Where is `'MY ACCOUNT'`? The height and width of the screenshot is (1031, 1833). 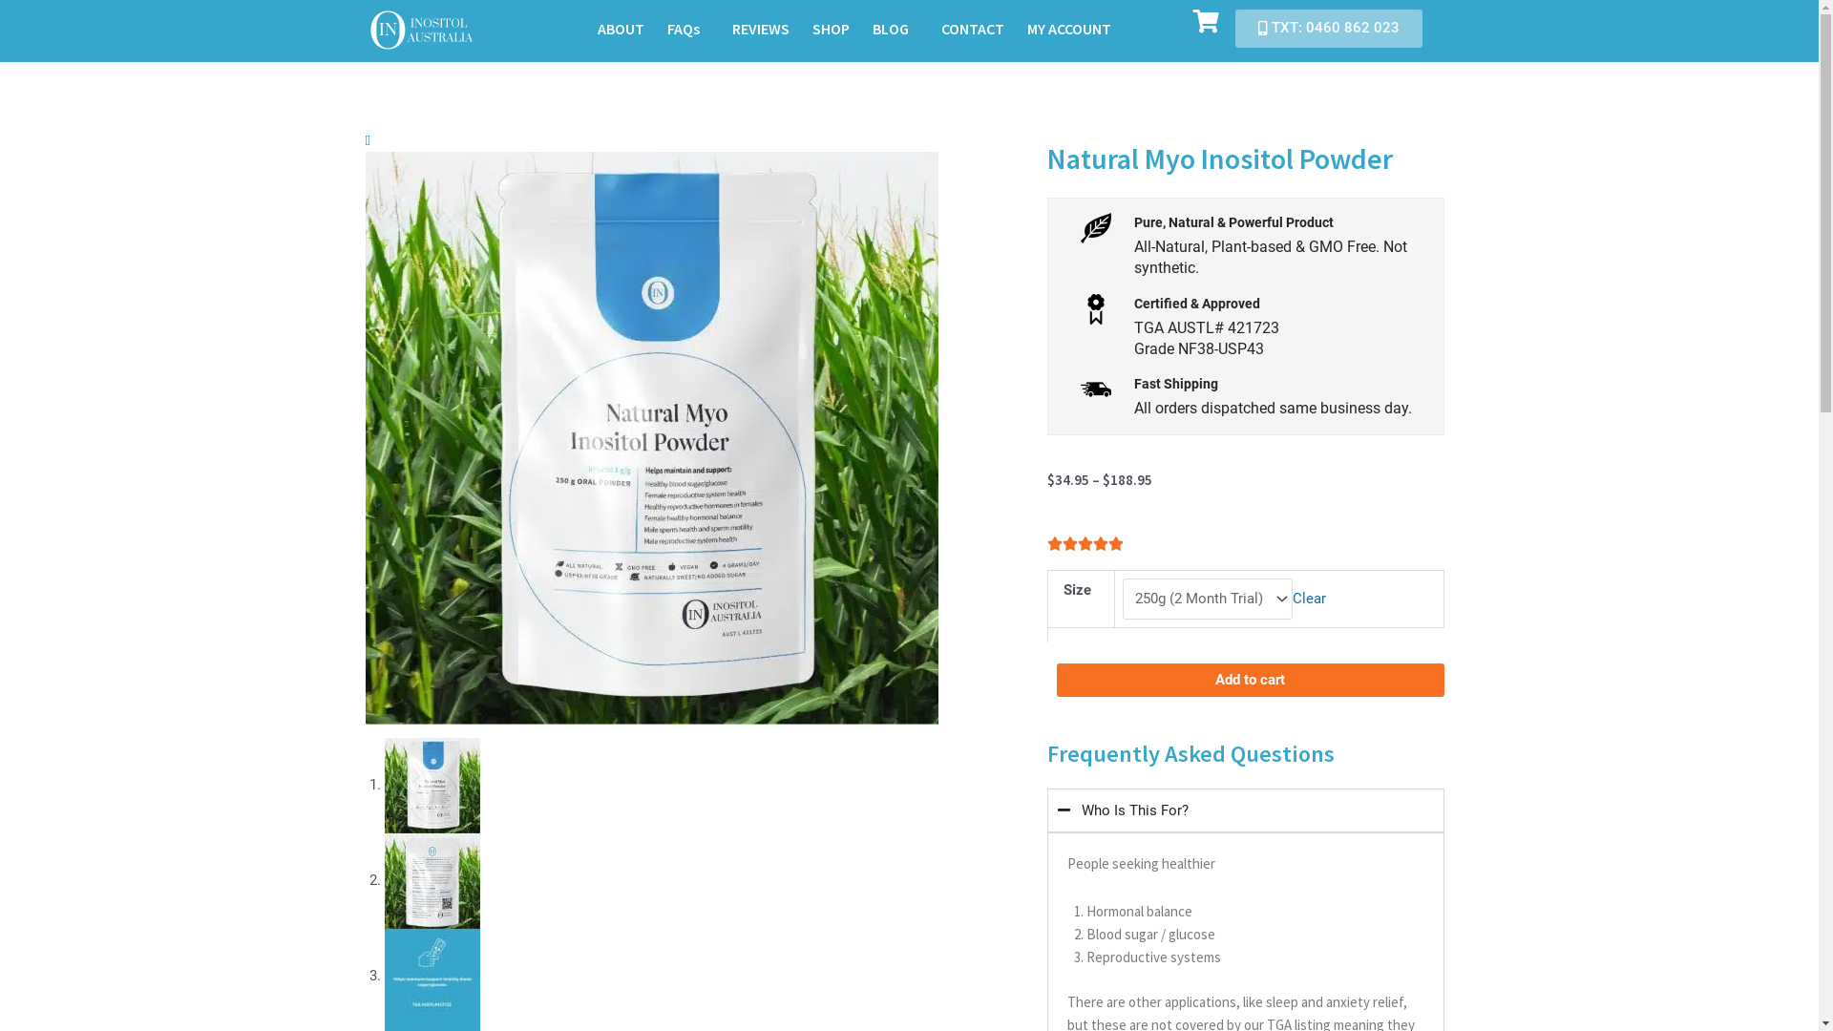
'MY ACCOUNT' is located at coordinates (1067, 29).